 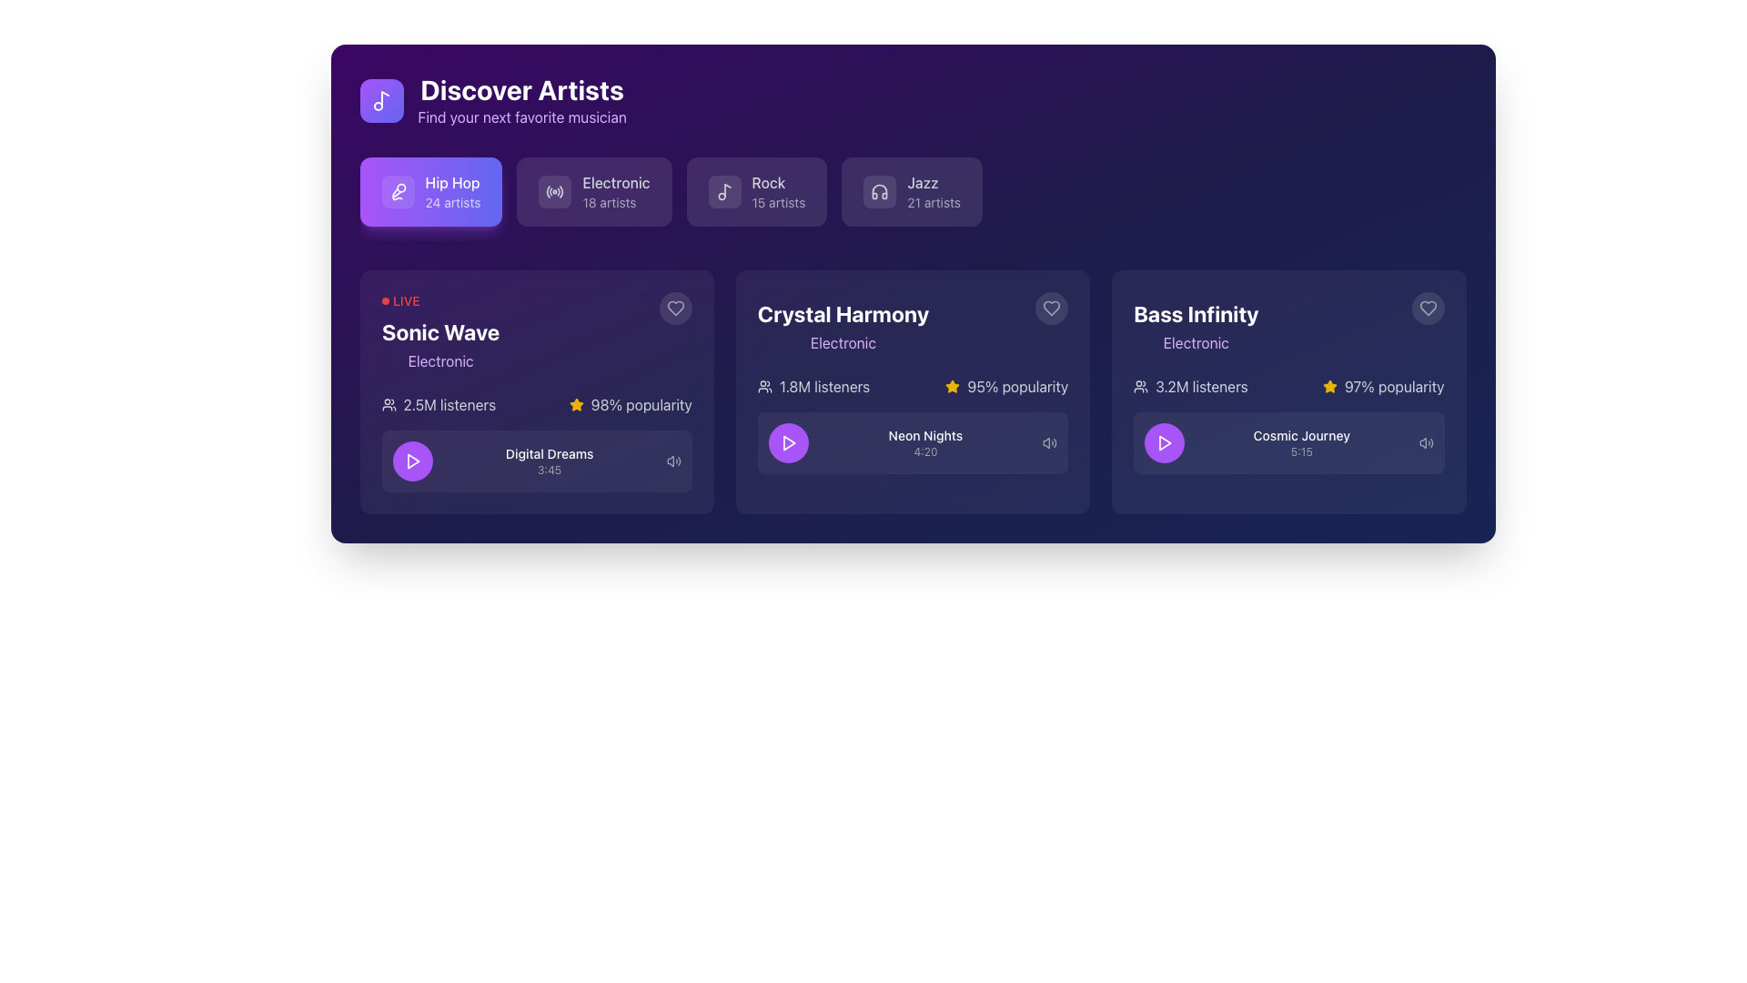 I want to click on the yellow star icon with the text '95% popularity' located in the card titled 'Crystal Harmony', positioned below the 'Electronic' genre title, so click(x=1005, y=385).